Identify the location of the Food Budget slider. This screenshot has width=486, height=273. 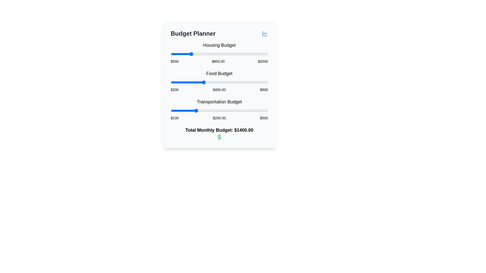
(245, 82).